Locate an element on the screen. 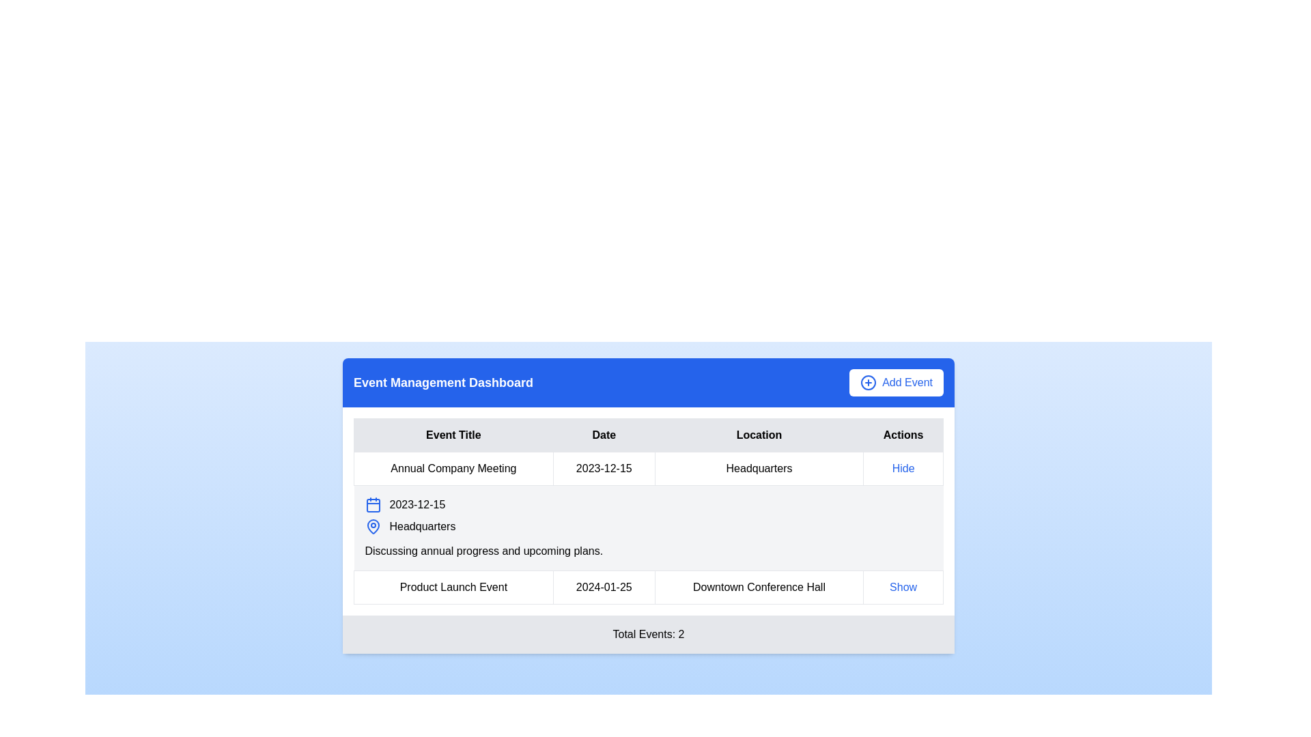  the blue map pin icon located in the 'Location' section of the third row in the event list table, which conveys a location marker aesthetic is located at coordinates (373, 525).